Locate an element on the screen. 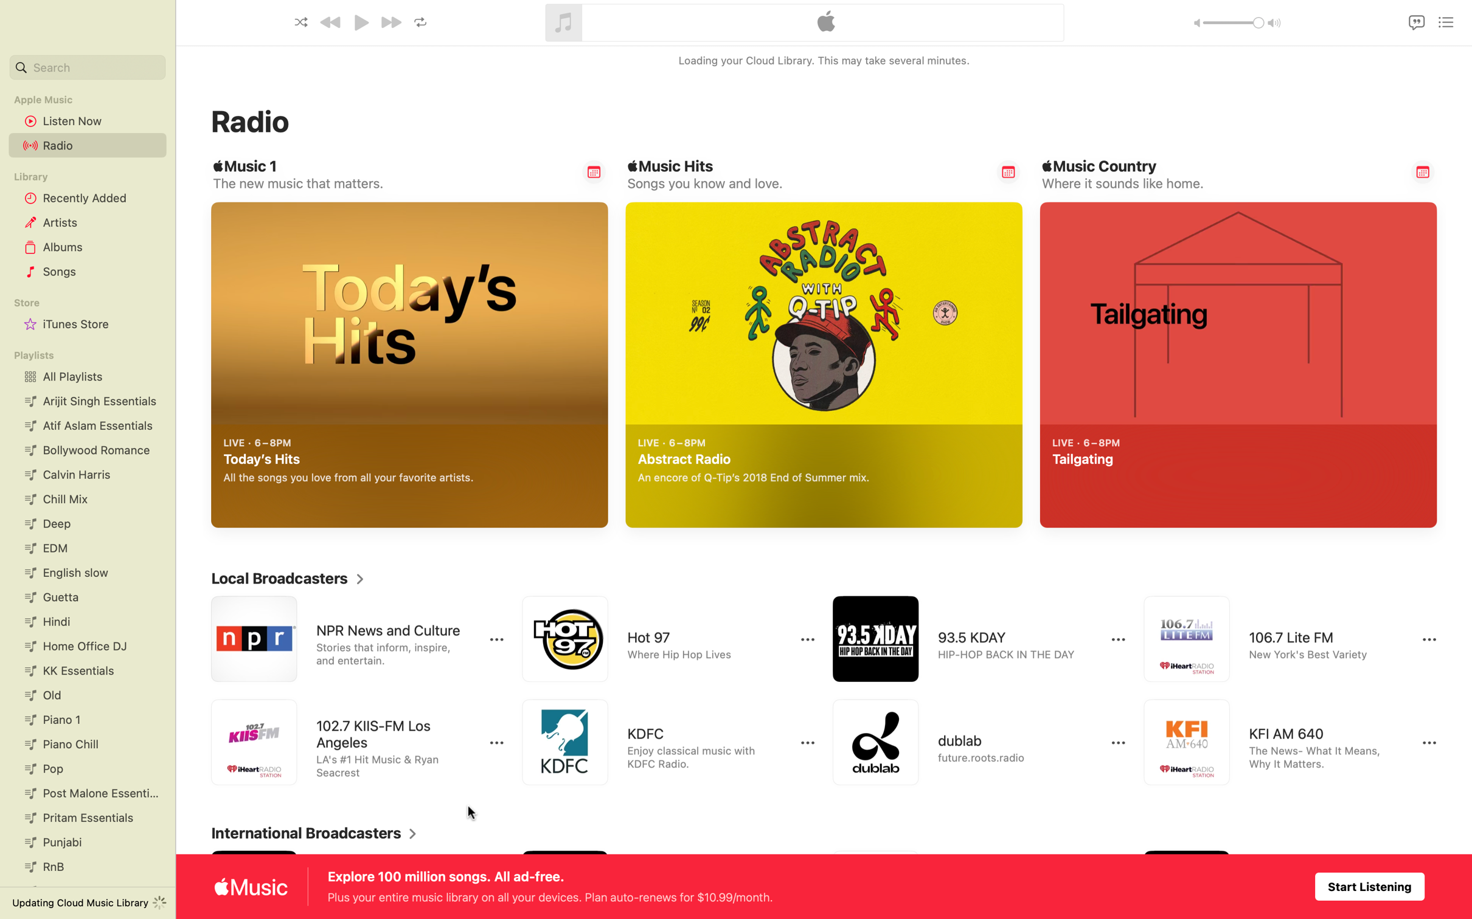 The image size is (1472, 919). play for the current popular songs is located at coordinates (1380736, 765986).